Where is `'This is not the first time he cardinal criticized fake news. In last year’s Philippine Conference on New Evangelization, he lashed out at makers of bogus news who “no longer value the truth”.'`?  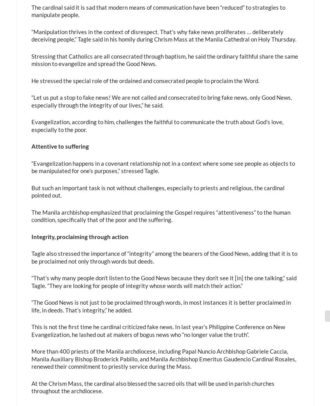 'This is not the first time he cardinal criticized fake news. In last year’s Philippine Conference on New Evangelization, he lashed out at makers of bogus news who “no longer value the truth”.' is located at coordinates (158, 330).